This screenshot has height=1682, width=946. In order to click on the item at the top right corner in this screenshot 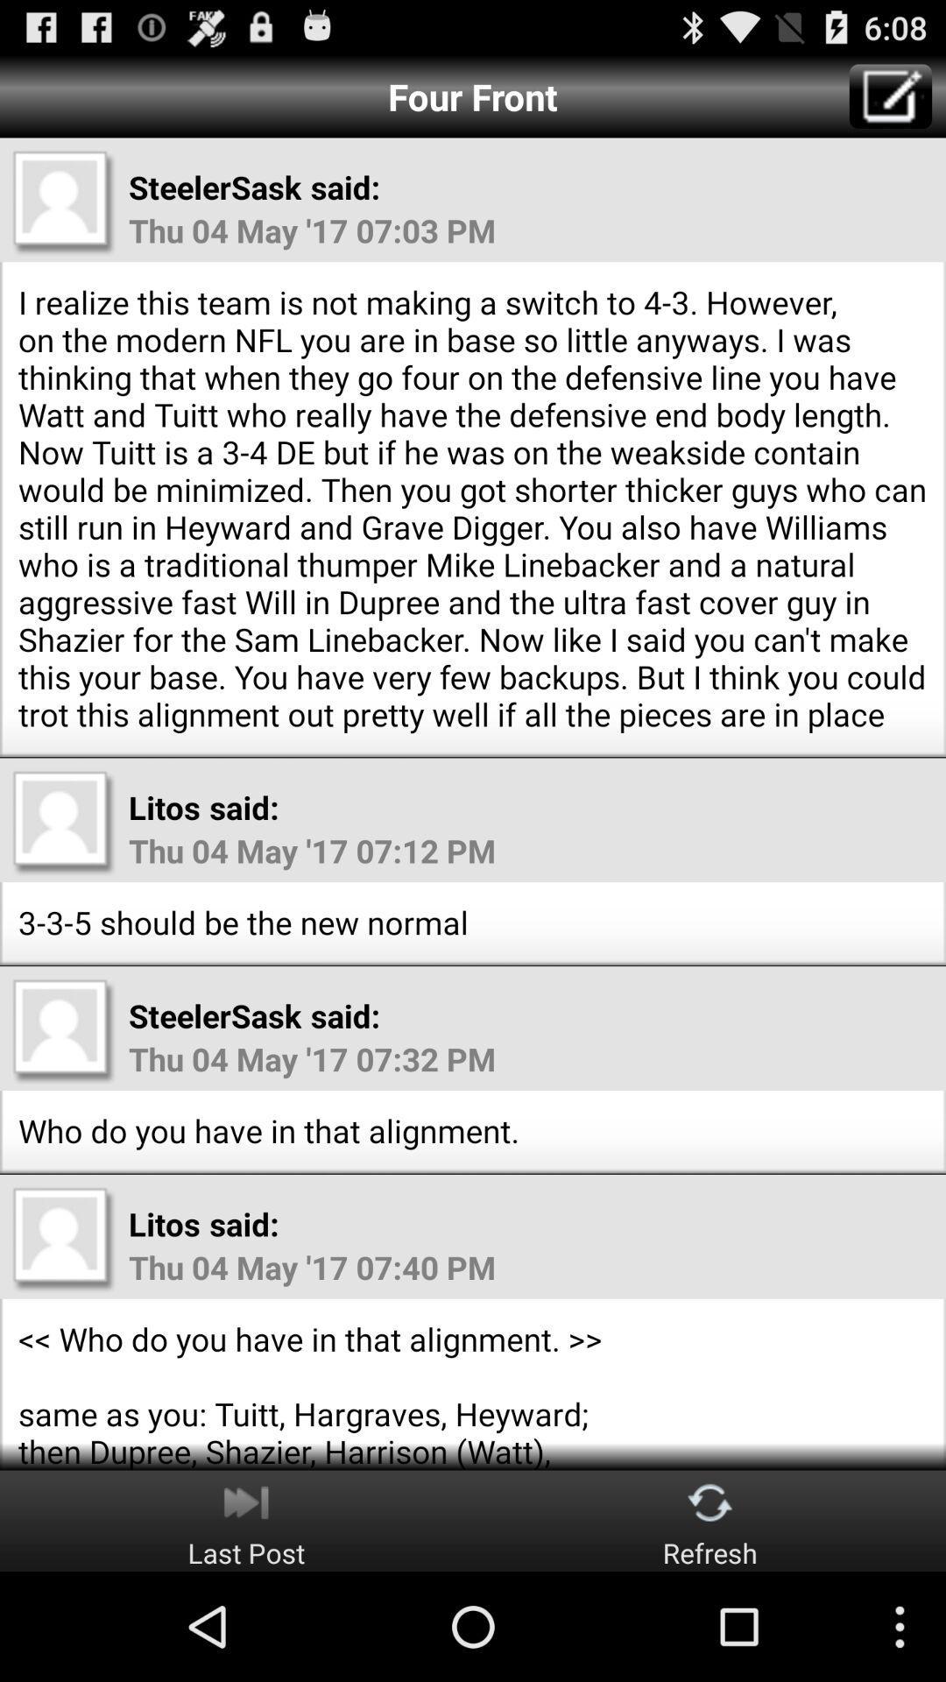, I will do `click(891, 95)`.